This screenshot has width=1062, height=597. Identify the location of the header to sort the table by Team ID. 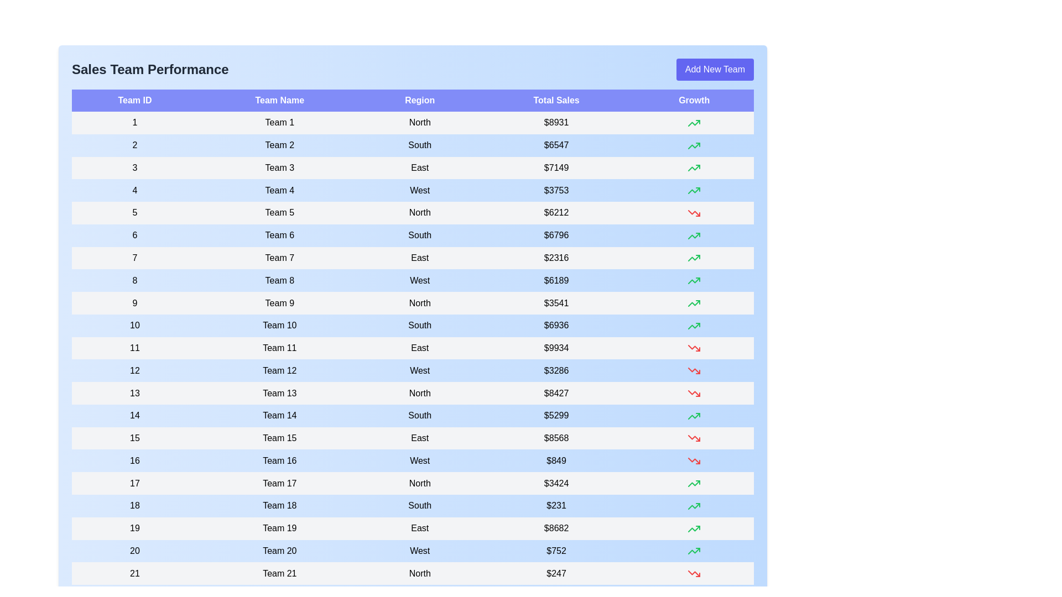
(134, 100).